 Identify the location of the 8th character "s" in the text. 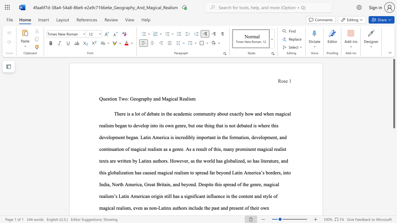
(157, 149).